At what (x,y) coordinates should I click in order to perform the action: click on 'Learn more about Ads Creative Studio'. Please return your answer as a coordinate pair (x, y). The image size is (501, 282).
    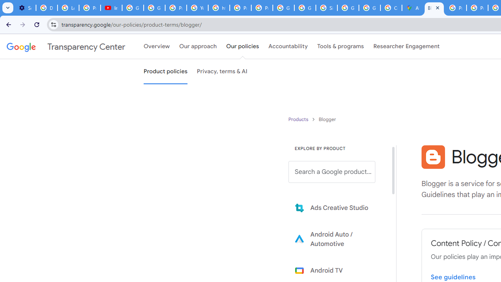
    Looking at the image, I should click on (337, 208).